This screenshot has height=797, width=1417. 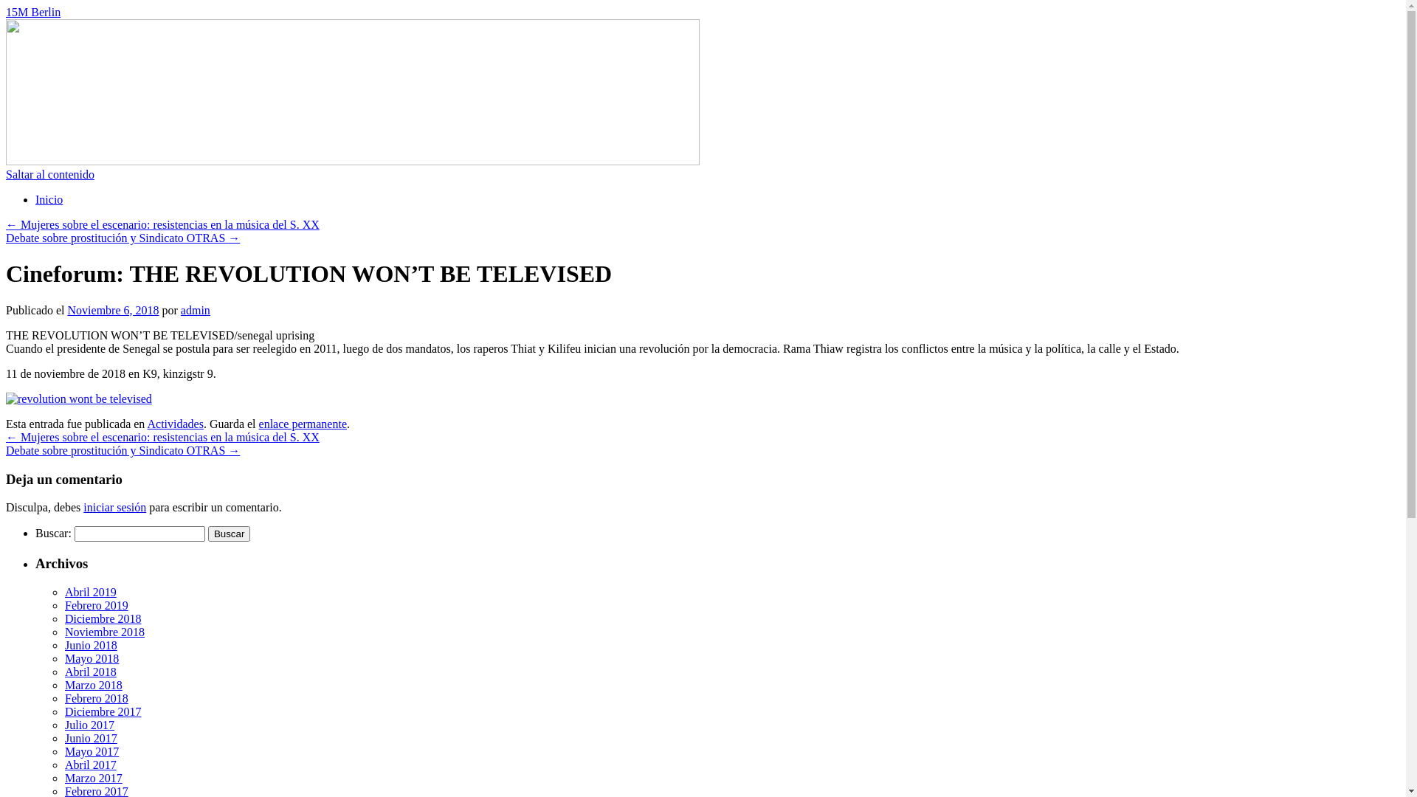 I want to click on 'Febrero 2019', so click(x=95, y=605).